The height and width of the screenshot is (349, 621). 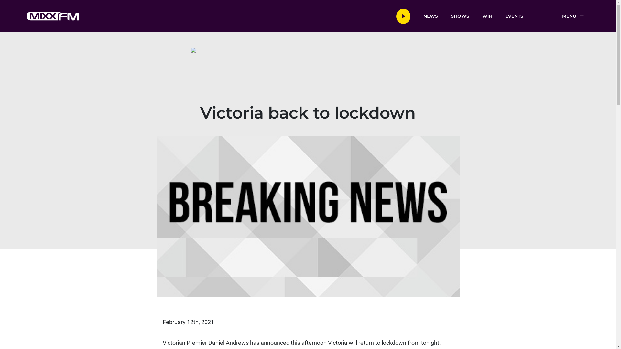 I want to click on 'NEWS', so click(x=430, y=16).